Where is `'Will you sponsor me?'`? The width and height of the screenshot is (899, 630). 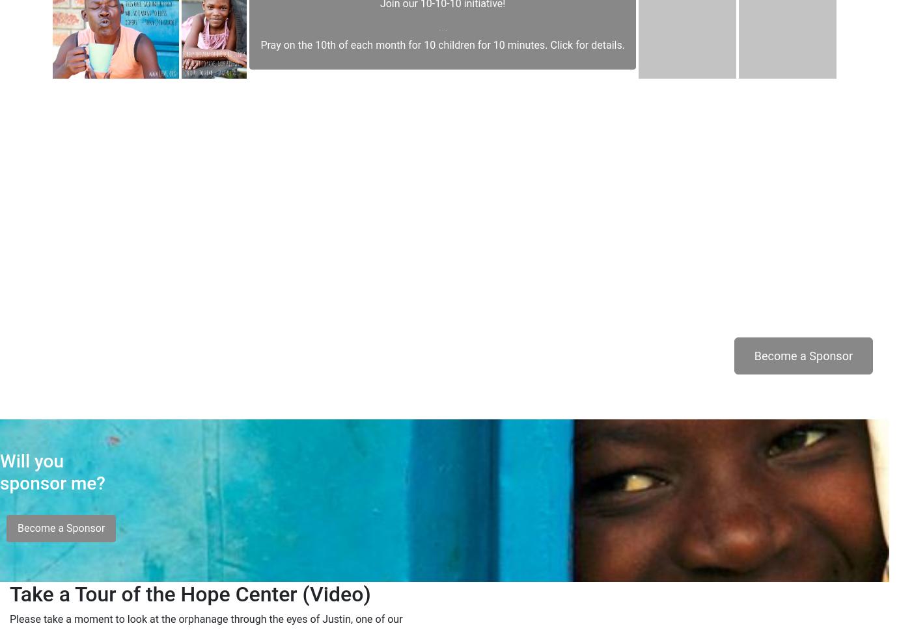
'Will you sponsor me?' is located at coordinates (773, 261).